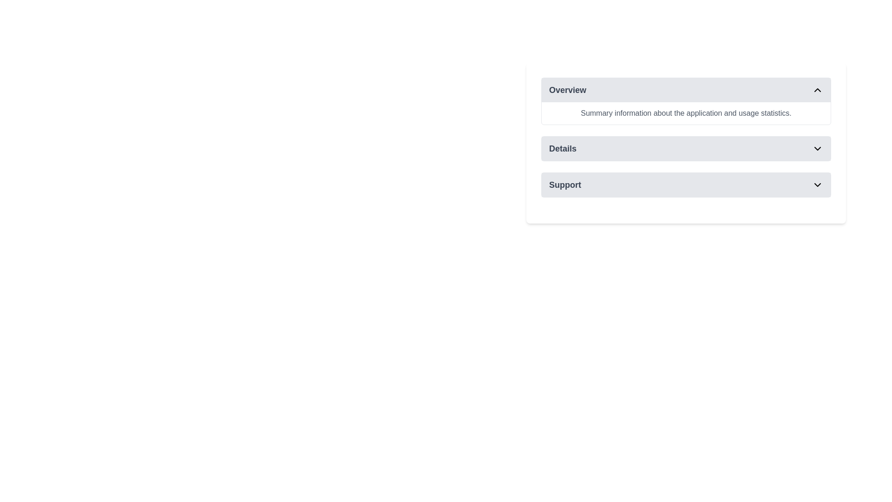 This screenshot has width=892, height=502. I want to click on the 'Overview' Collapsible Section Header with a chevron-up icon, so click(686, 101).